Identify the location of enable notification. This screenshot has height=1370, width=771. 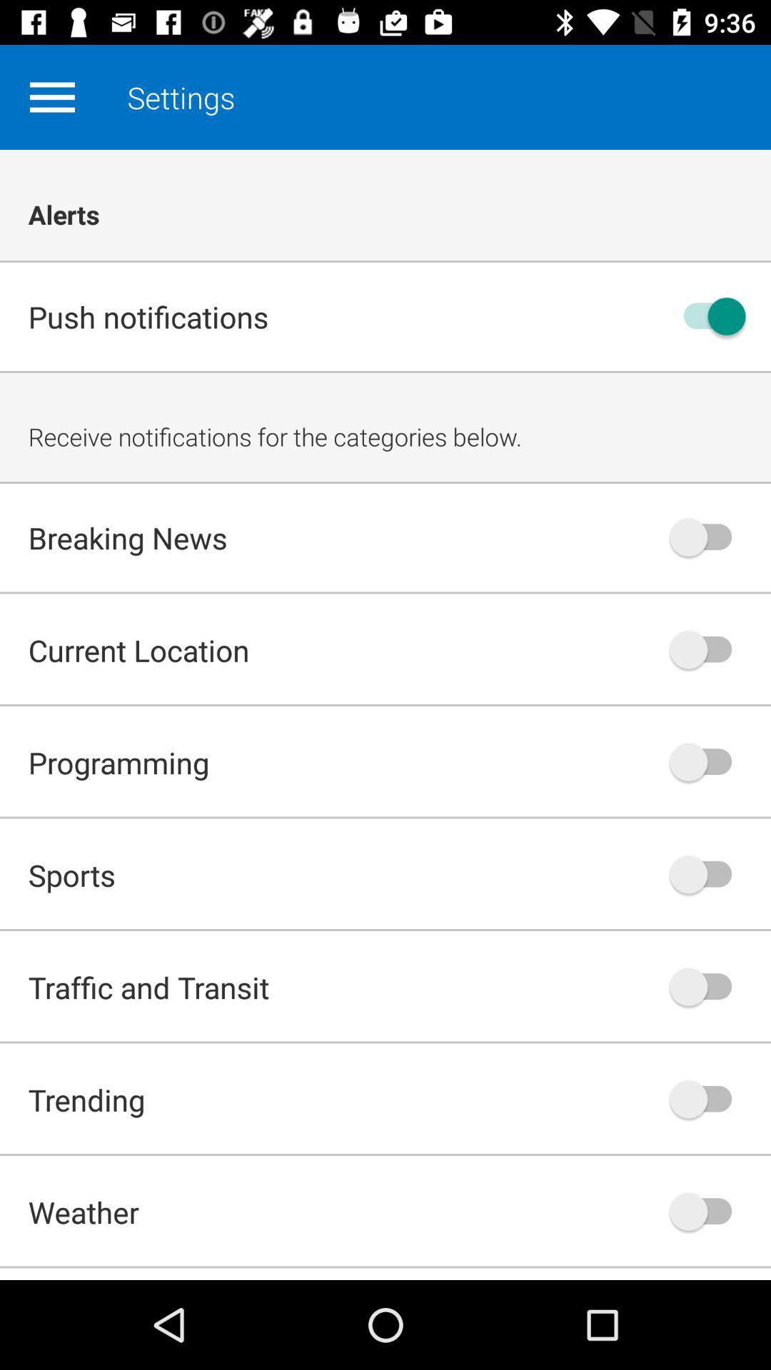
(707, 1098).